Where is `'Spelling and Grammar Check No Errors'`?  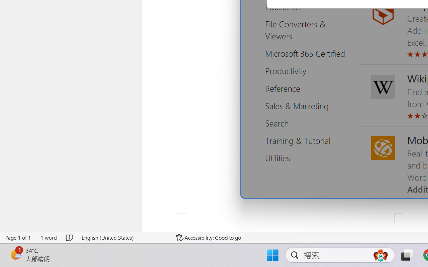
'Spelling and Grammar Check No Errors' is located at coordinates (70, 237).